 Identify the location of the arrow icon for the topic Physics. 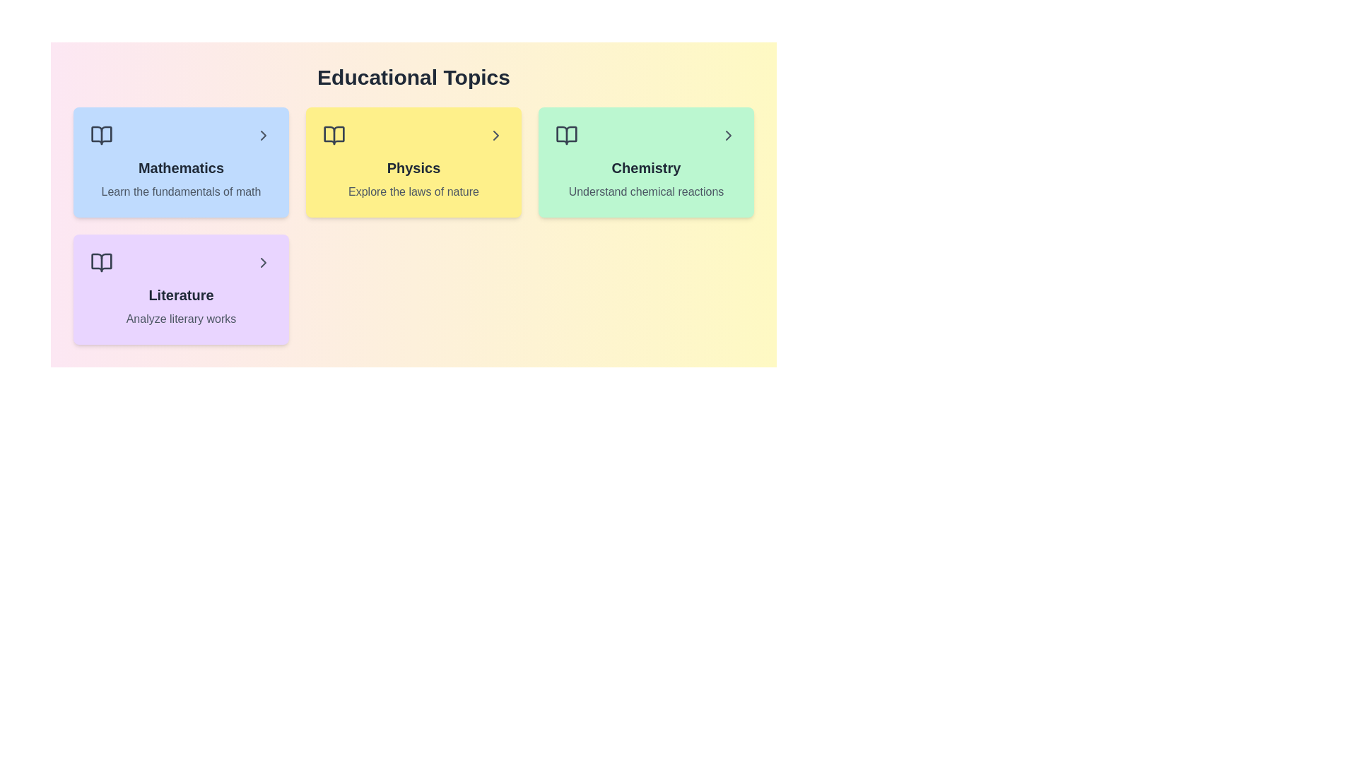
(495, 136).